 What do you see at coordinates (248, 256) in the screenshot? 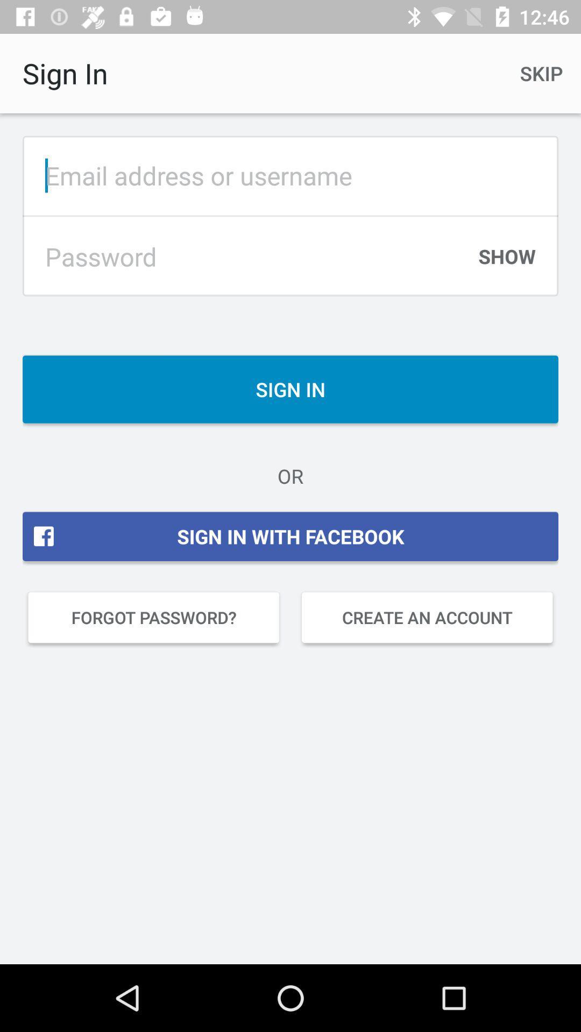
I see `password` at bounding box center [248, 256].